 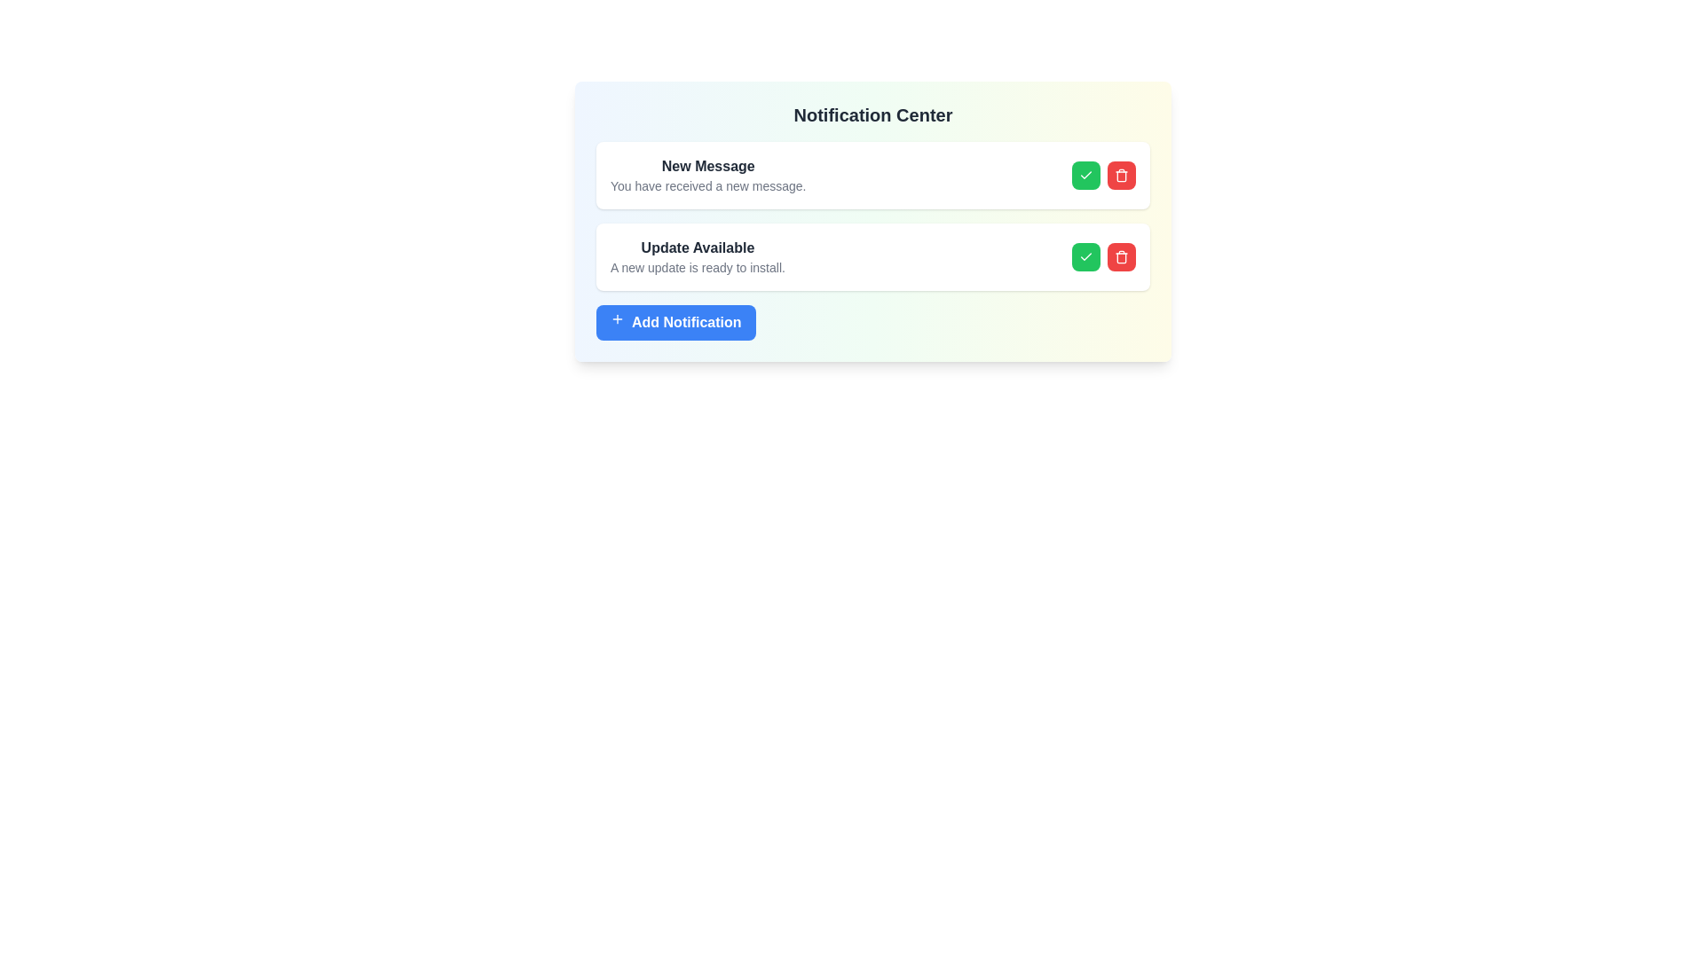 I want to click on the delete button located in the upper-right corner of the notification card, so click(x=1120, y=175).